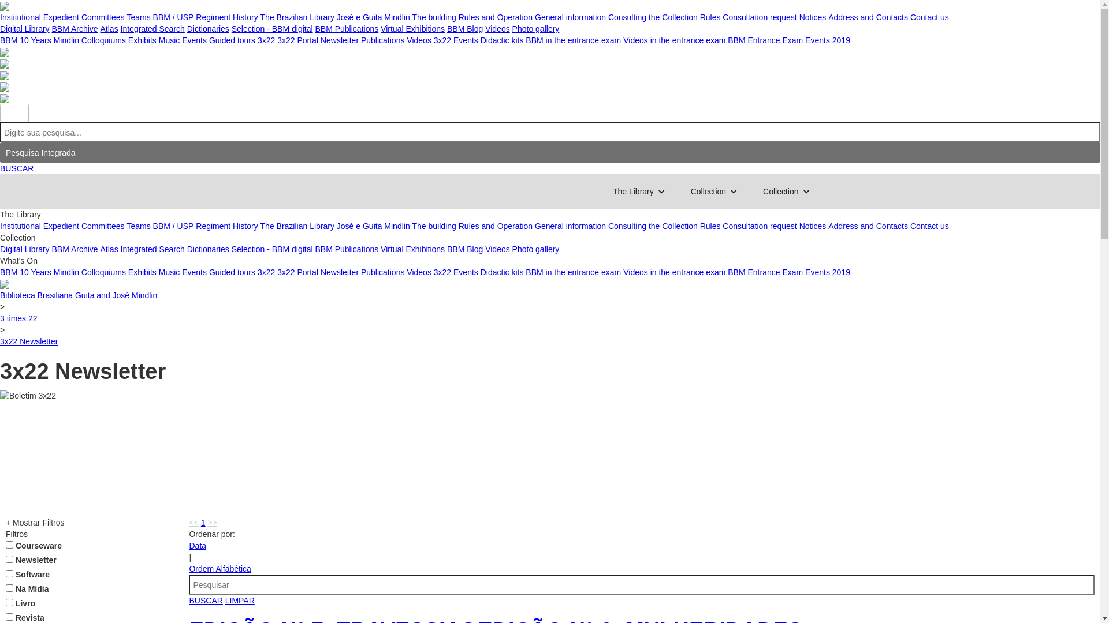  Describe the element at coordinates (232, 226) in the screenshot. I see `'History'` at that location.